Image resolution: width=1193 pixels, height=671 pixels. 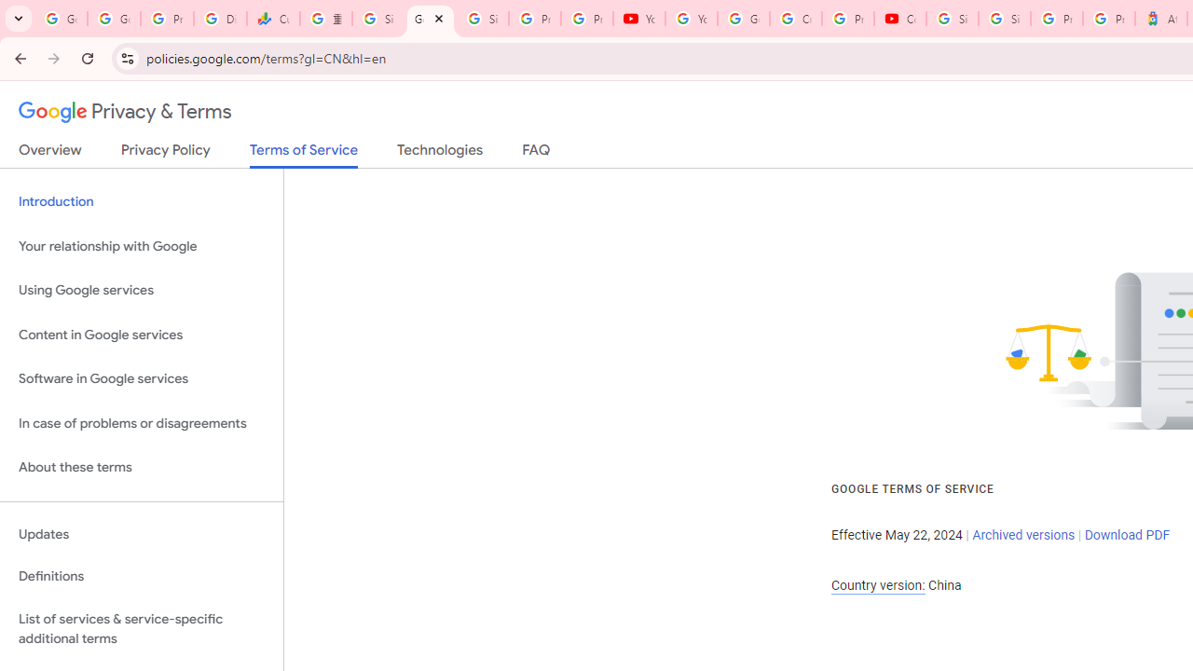 I want to click on 'Currencies - Google Finance', so click(x=272, y=19).